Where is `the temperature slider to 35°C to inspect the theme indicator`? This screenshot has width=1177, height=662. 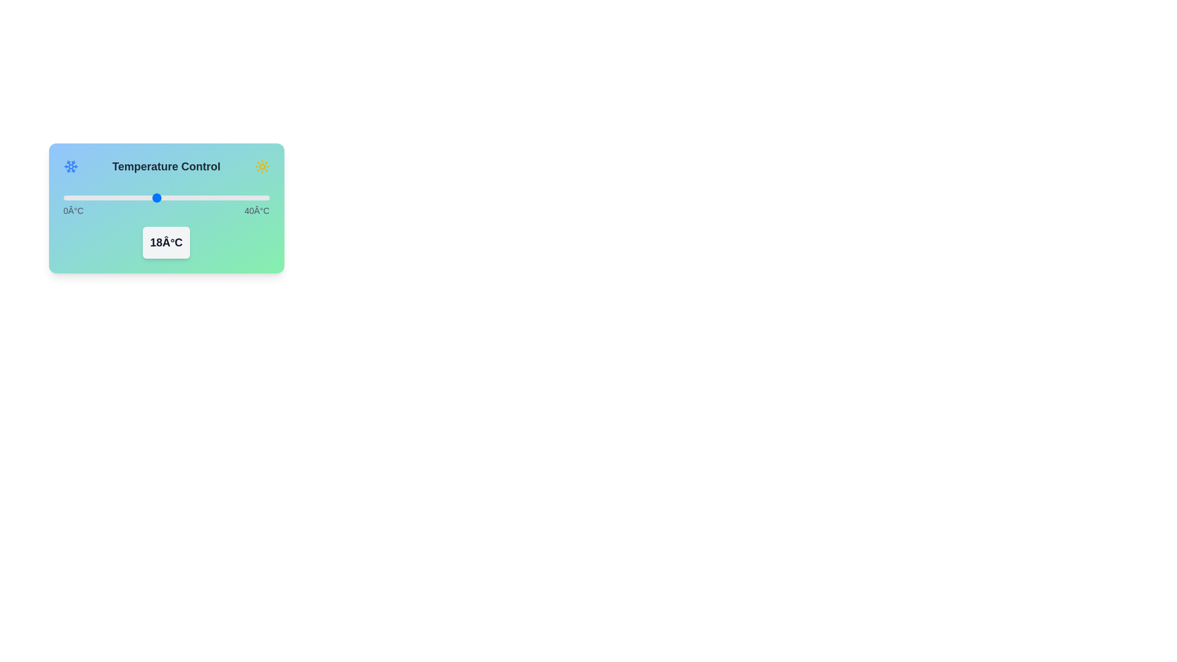
the temperature slider to 35°C to inspect the theme indicator is located at coordinates (243, 197).